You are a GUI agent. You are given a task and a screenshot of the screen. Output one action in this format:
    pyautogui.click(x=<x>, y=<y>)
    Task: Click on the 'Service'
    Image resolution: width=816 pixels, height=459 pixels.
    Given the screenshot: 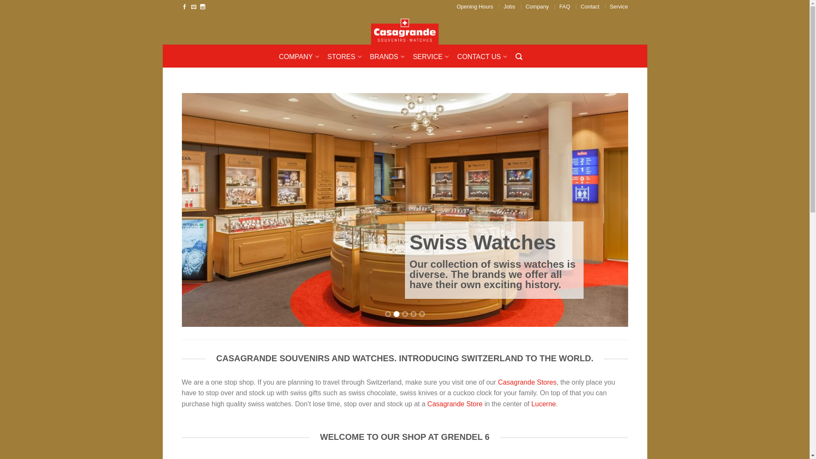 What is the action you would take?
    pyautogui.click(x=619, y=6)
    